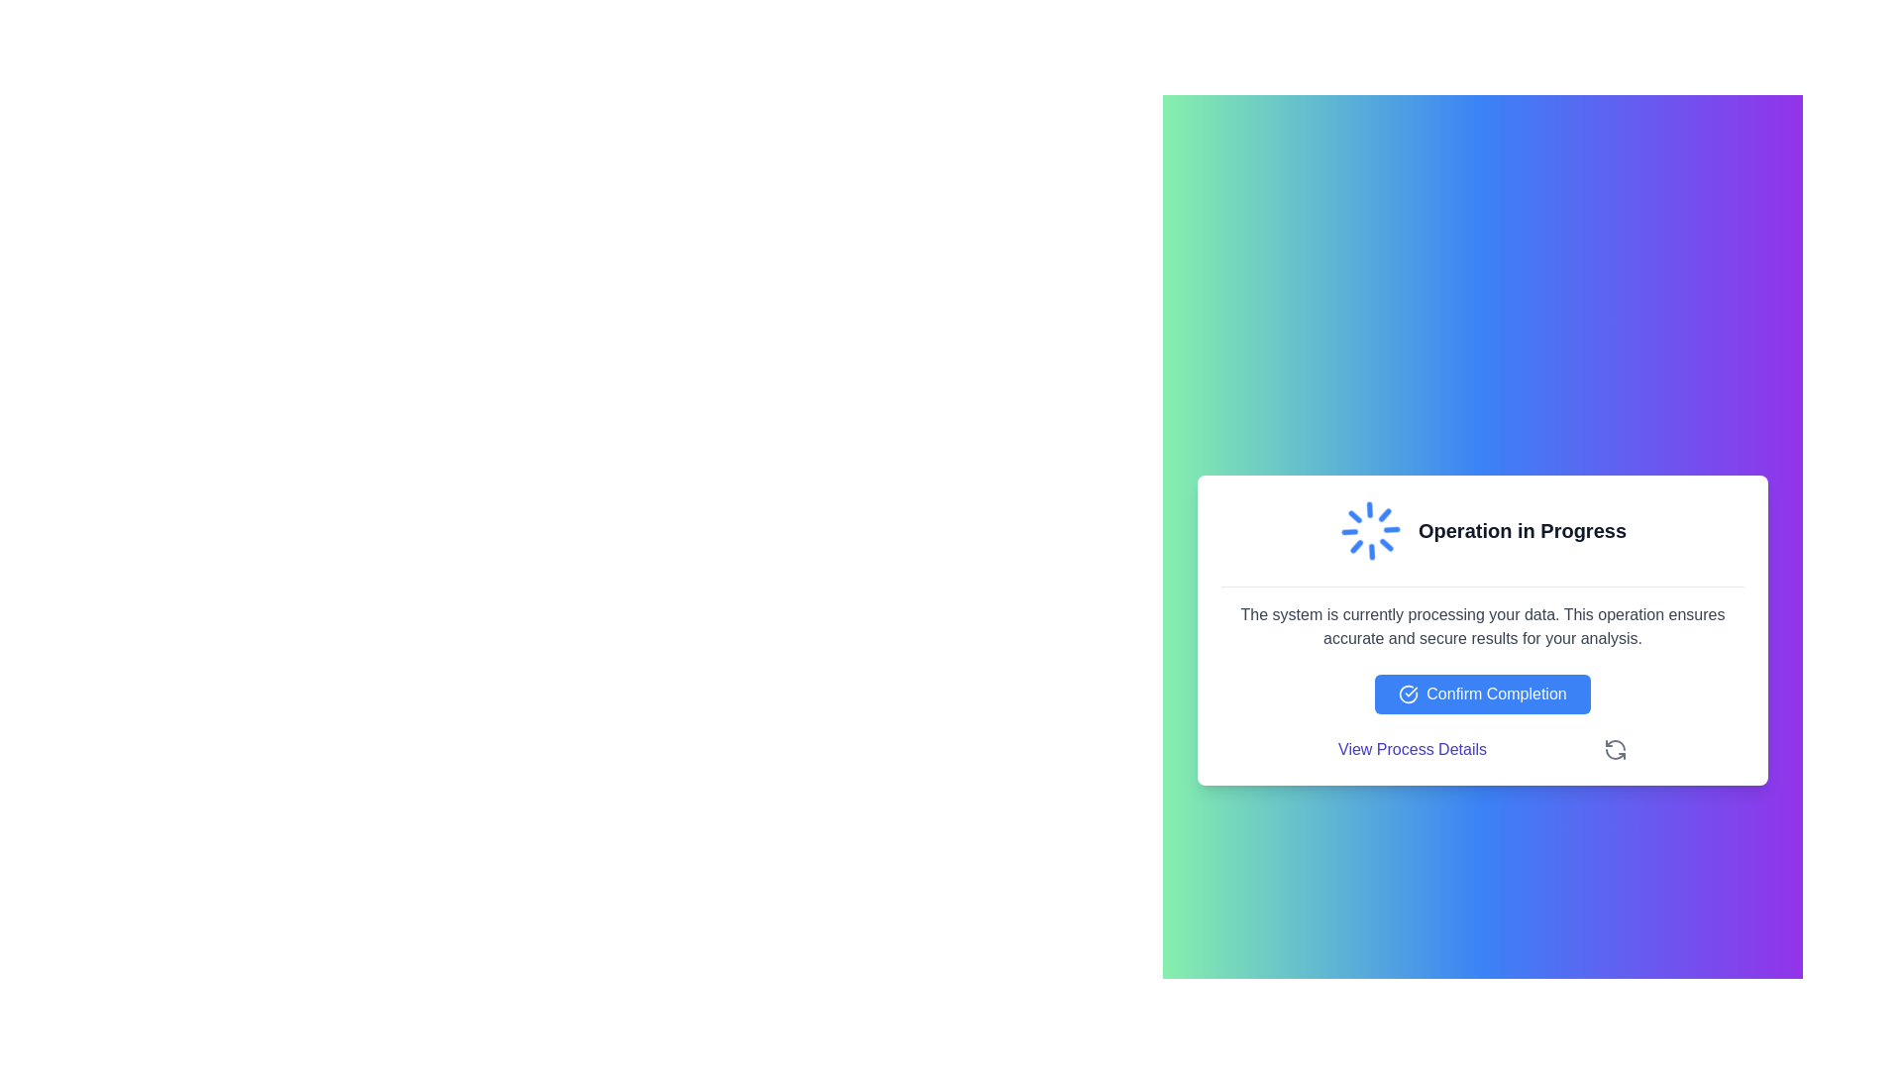  I want to click on text block that states: 'The system is currently processing your data. This operation ensures accurate and secure results for your analysis.' located in the center of the modal dialog box beneath the title 'Operation in Progress', so click(1483, 626).